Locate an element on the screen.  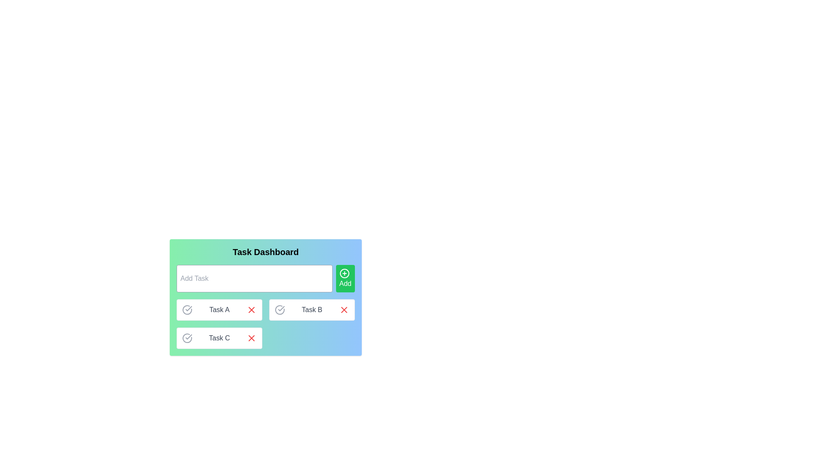
the delete button located at the right end of the task block labeled 'Task B' is located at coordinates (344, 310).